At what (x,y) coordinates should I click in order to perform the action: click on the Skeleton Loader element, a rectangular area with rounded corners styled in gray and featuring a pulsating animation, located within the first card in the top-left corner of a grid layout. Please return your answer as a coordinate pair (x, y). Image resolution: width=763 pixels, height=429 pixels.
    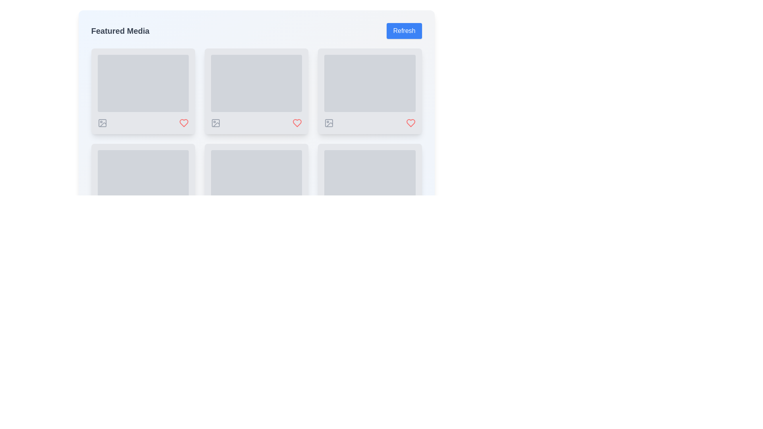
    Looking at the image, I should click on (143, 83).